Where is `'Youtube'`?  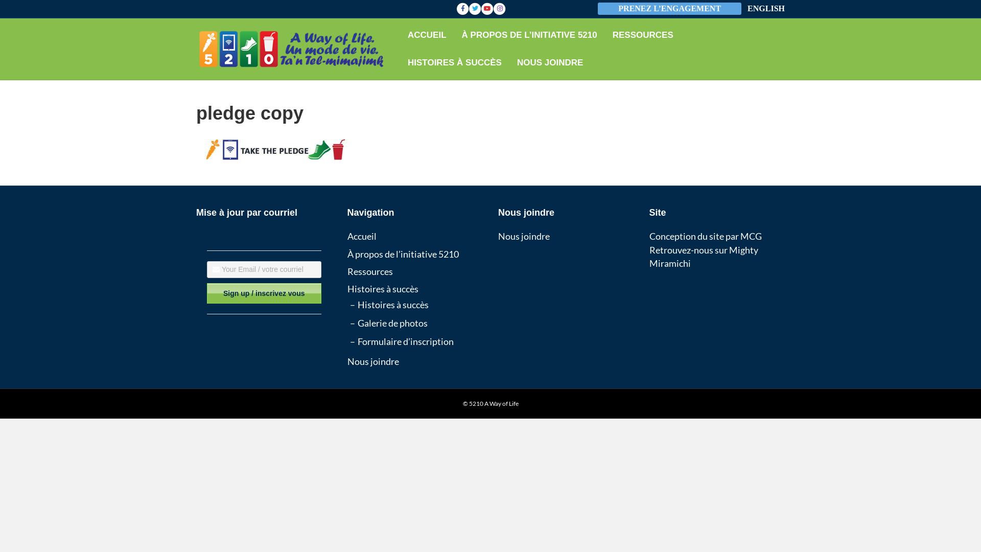
'Youtube' is located at coordinates (480, 8).